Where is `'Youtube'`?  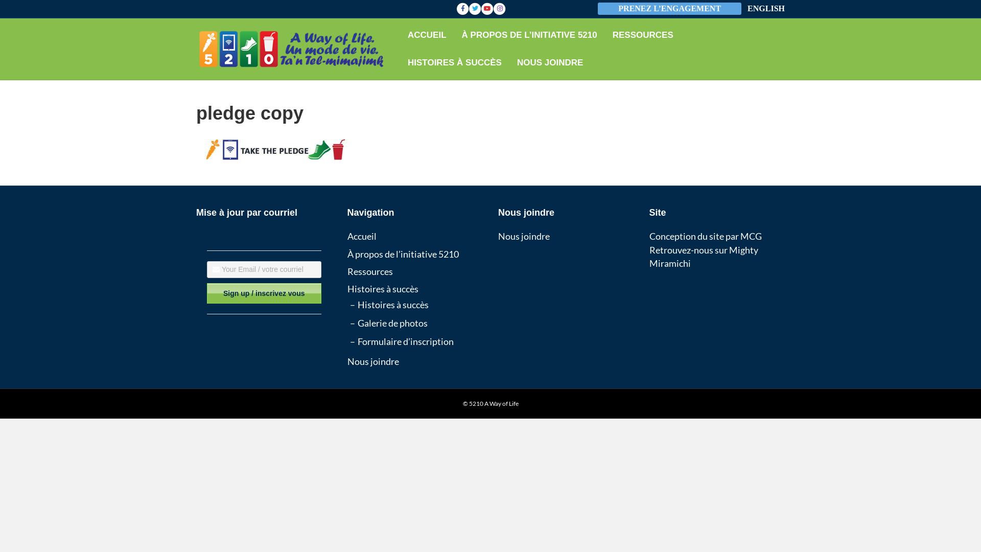
'Youtube' is located at coordinates (480, 8).